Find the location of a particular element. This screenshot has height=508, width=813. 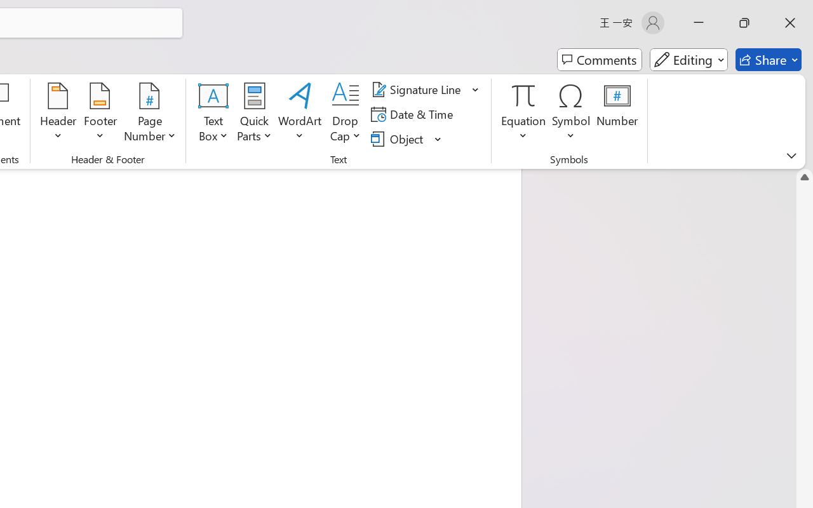

'Mode' is located at coordinates (688, 60).